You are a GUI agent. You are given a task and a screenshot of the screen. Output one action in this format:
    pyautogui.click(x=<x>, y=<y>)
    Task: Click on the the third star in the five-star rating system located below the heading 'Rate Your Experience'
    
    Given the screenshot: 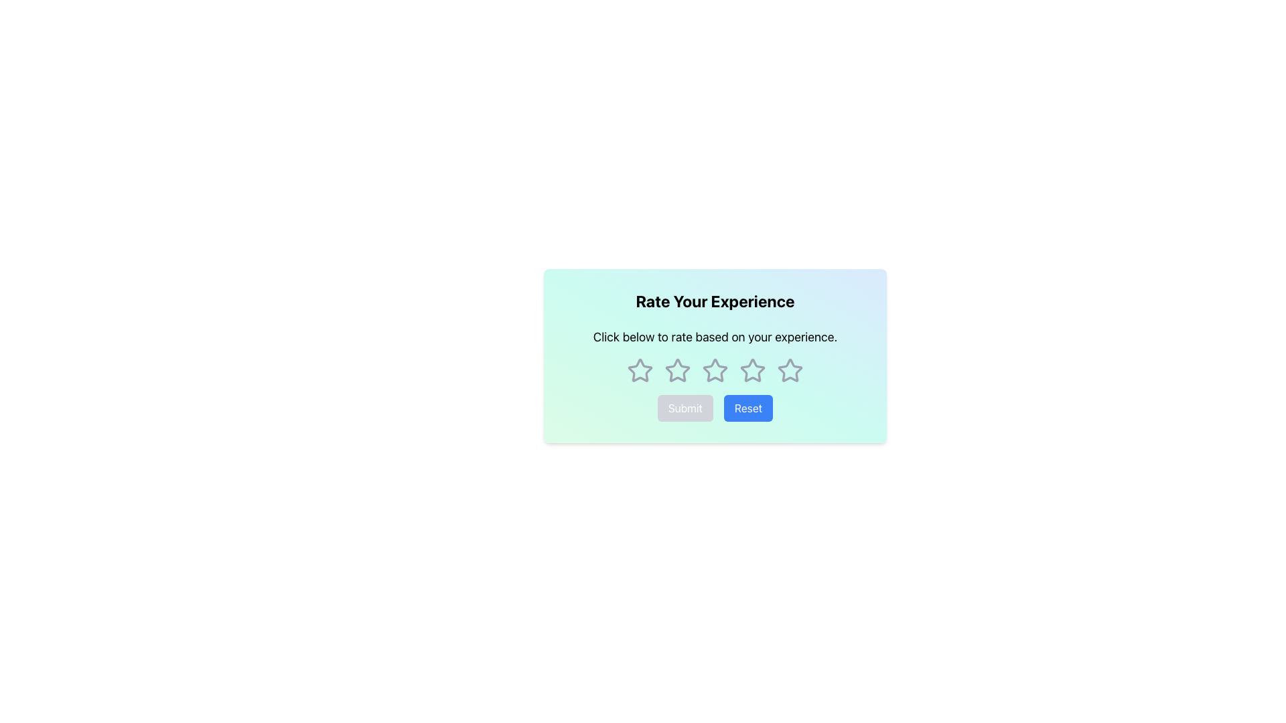 What is the action you would take?
    pyautogui.click(x=713, y=370)
    